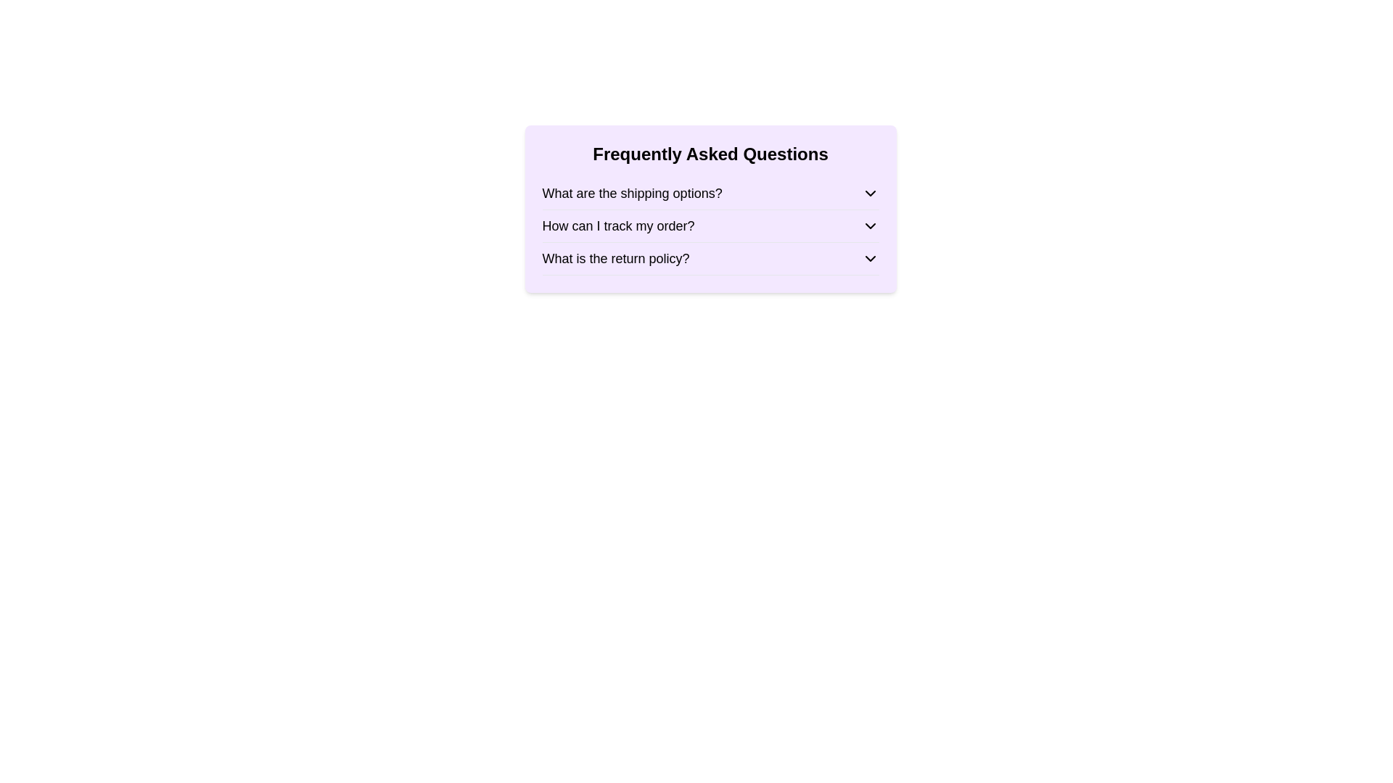  Describe the element at coordinates (710, 258) in the screenshot. I see `the dropdown menu header displaying 'What is the return policy?' for keyboard navigation` at that location.